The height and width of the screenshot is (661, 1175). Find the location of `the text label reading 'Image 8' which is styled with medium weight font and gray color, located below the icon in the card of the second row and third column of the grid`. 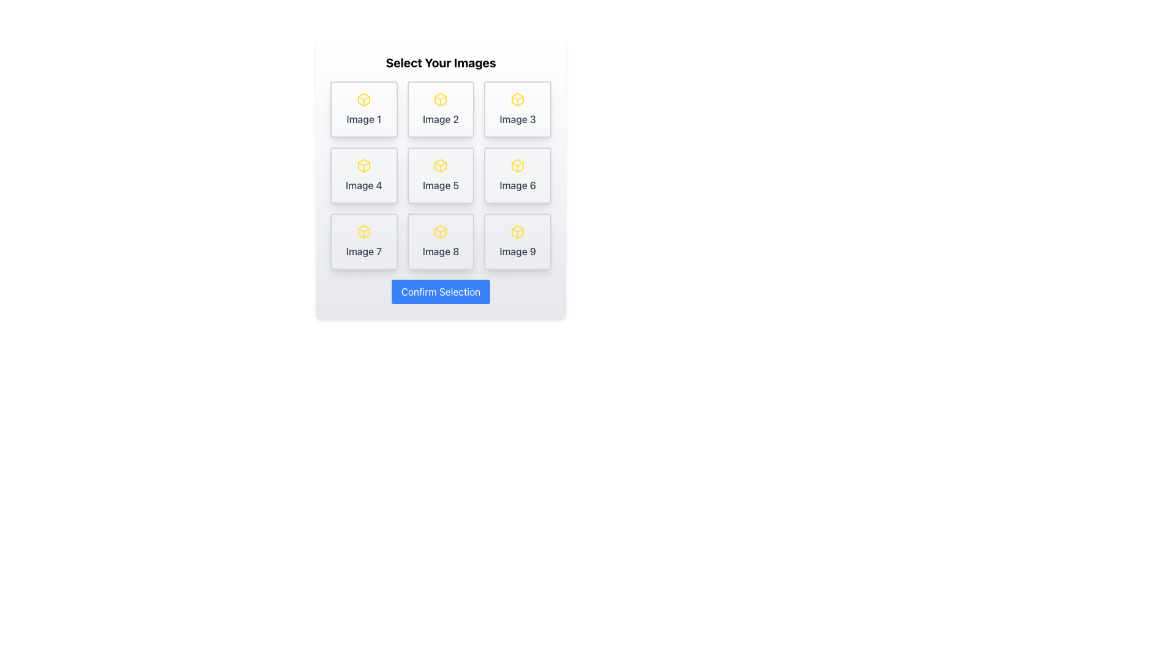

the text label reading 'Image 8' which is styled with medium weight font and gray color, located below the icon in the card of the second row and third column of the grid is located at coordinates (441, 251).